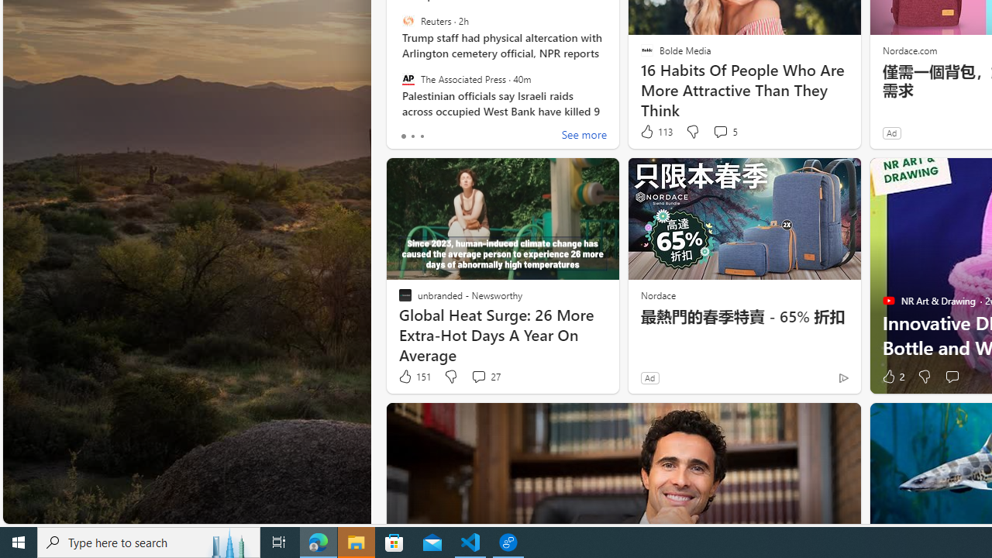 This screenshot has height=558, width=992. Describe the element at coordinates (724, 131) in the screenshot. I see `'View comments 5 Comment'` at that location.